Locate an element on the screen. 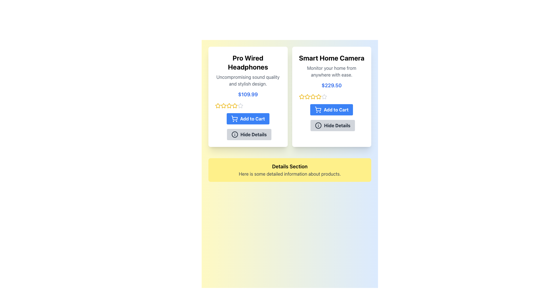 Image resolution: width=540 pixels, height=304 pixels. description text block located within the 'Pro Wired Headphones' product card, which is situated on the left side of the interface, directly below the product title and above the price '$109.99' is located at coordinates (247, 80).